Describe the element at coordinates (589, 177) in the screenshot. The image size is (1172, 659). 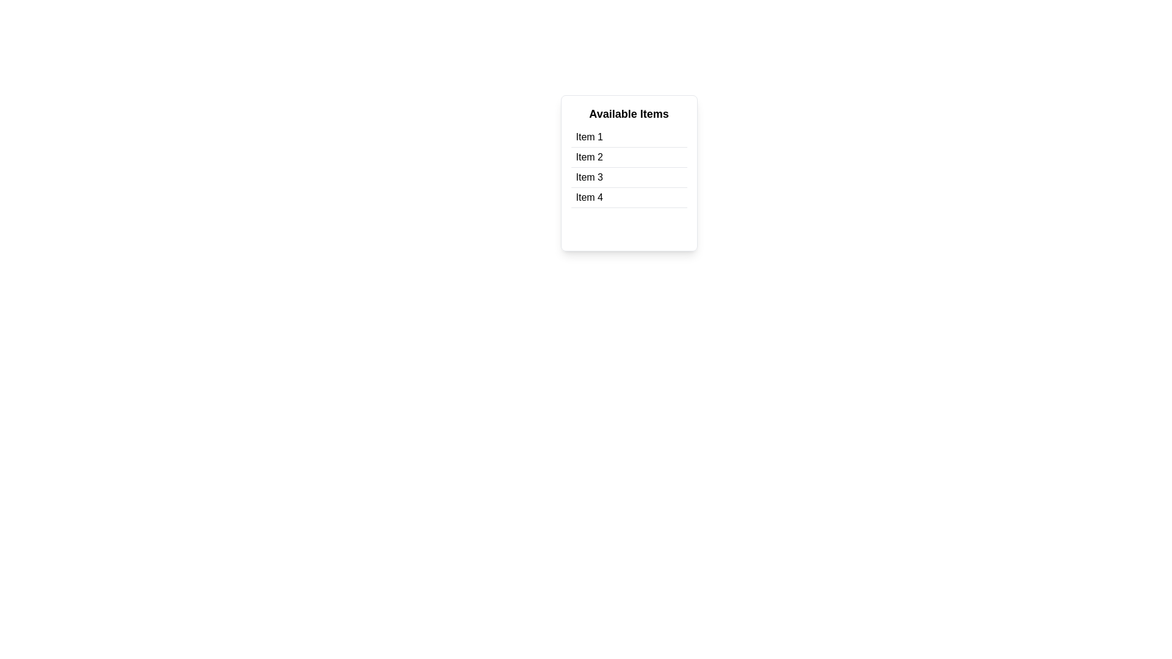
I see `the text label displaying 'Item 3' in the list of available items` at that location.